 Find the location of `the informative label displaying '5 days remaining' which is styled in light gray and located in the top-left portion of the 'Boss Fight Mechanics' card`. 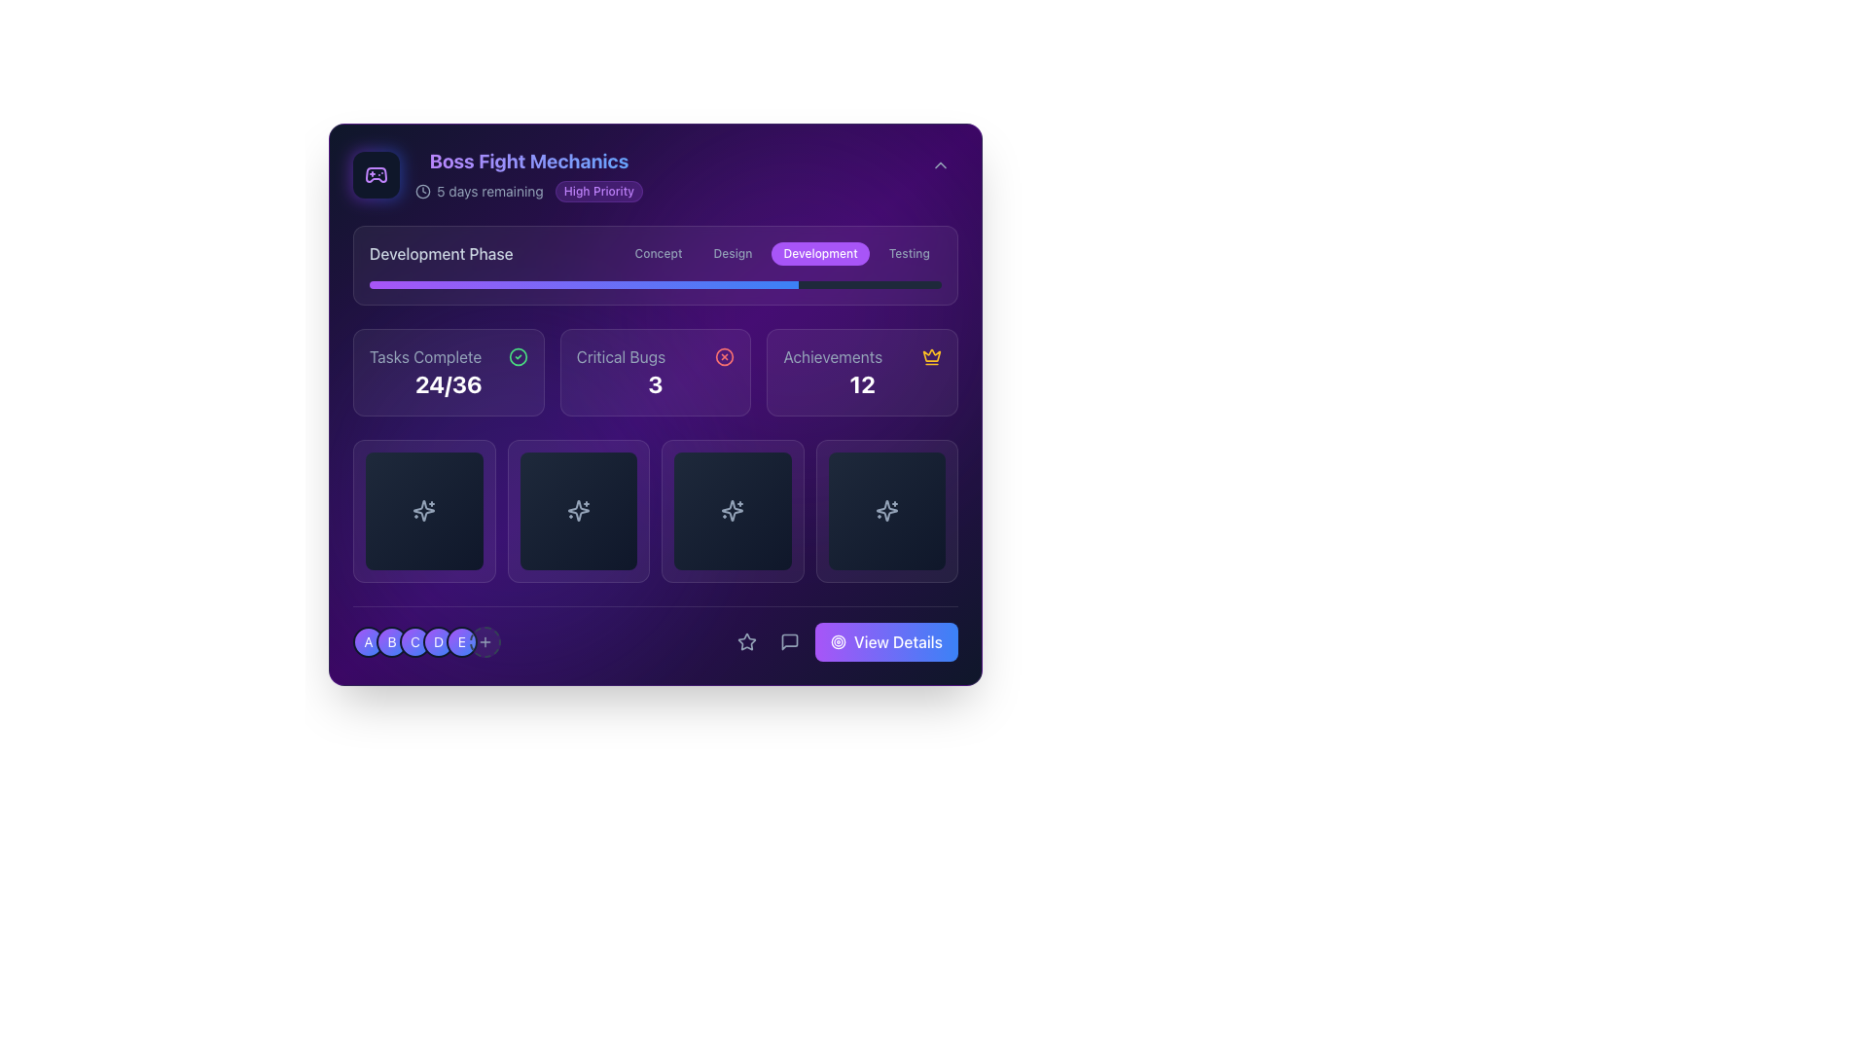

the informative label displaying '5 days remaining' which is styled in light gray and located in the top-left portion of the 'Boss Fight Mechanics' card is located at coordinates (479, 191).